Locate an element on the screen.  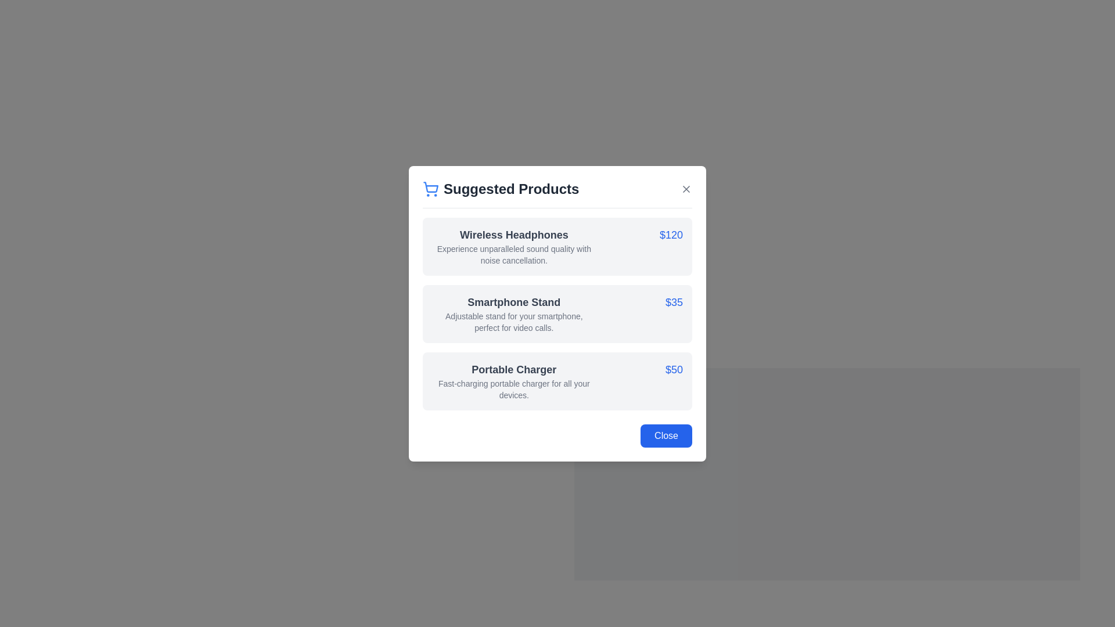
the text label displaying 'Portable Charger', which is styled in a bold and larger font, located in the third item of a vertical list within a centered modal is located at coordinates (513, 369).